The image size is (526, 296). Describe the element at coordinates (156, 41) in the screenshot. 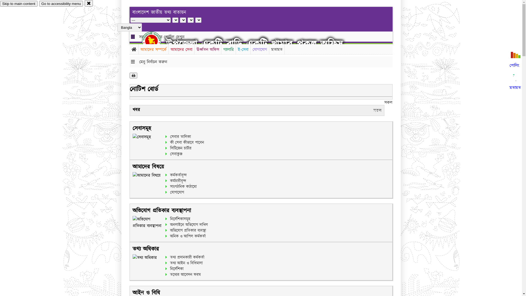

I see `'` at that location.